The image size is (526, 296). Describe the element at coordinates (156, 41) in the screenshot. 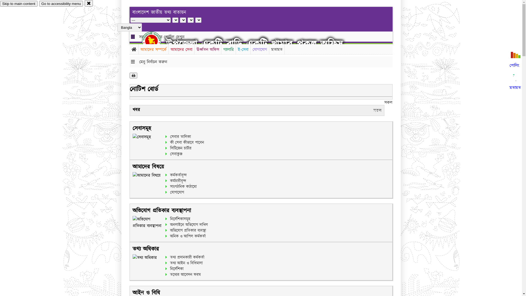

I see `'` at that location.